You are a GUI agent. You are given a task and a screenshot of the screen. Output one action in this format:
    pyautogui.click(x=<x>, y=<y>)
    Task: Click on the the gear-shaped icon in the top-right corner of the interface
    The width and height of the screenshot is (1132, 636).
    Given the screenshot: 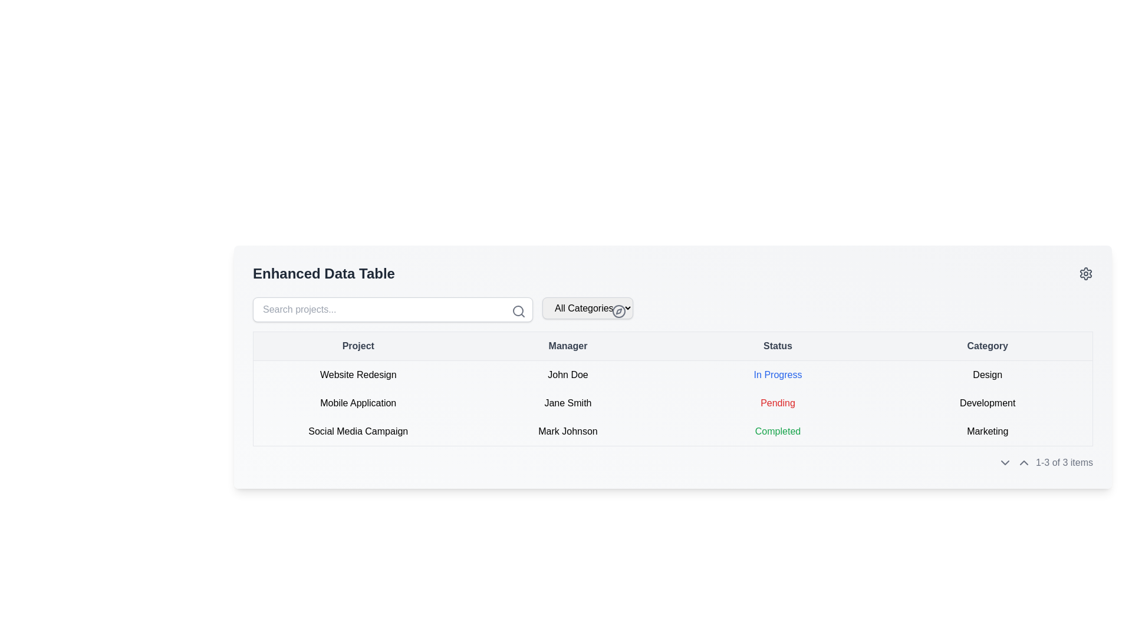 What is the action you would take?
    pyautogui.click(x=1085, y=274)
    